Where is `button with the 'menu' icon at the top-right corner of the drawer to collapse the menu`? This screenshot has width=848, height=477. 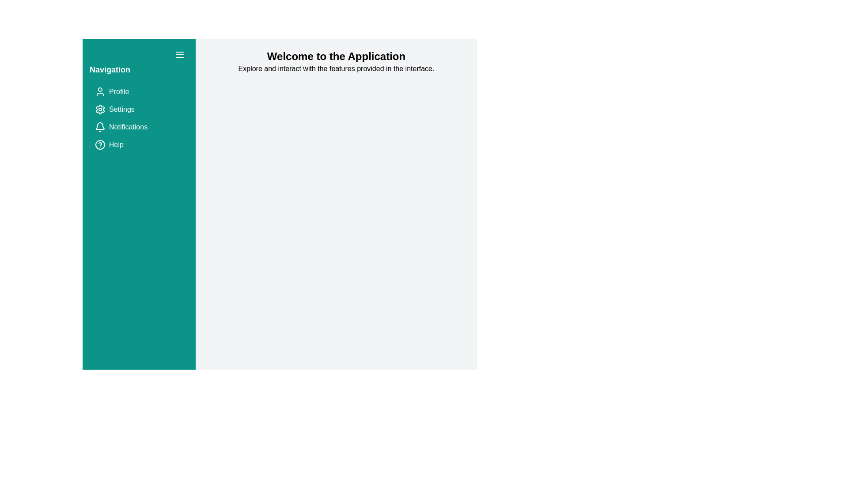
button with the 'menu' icon at the top-right corner of the drawer to collapse the menu is located at coordinates (179, 54).